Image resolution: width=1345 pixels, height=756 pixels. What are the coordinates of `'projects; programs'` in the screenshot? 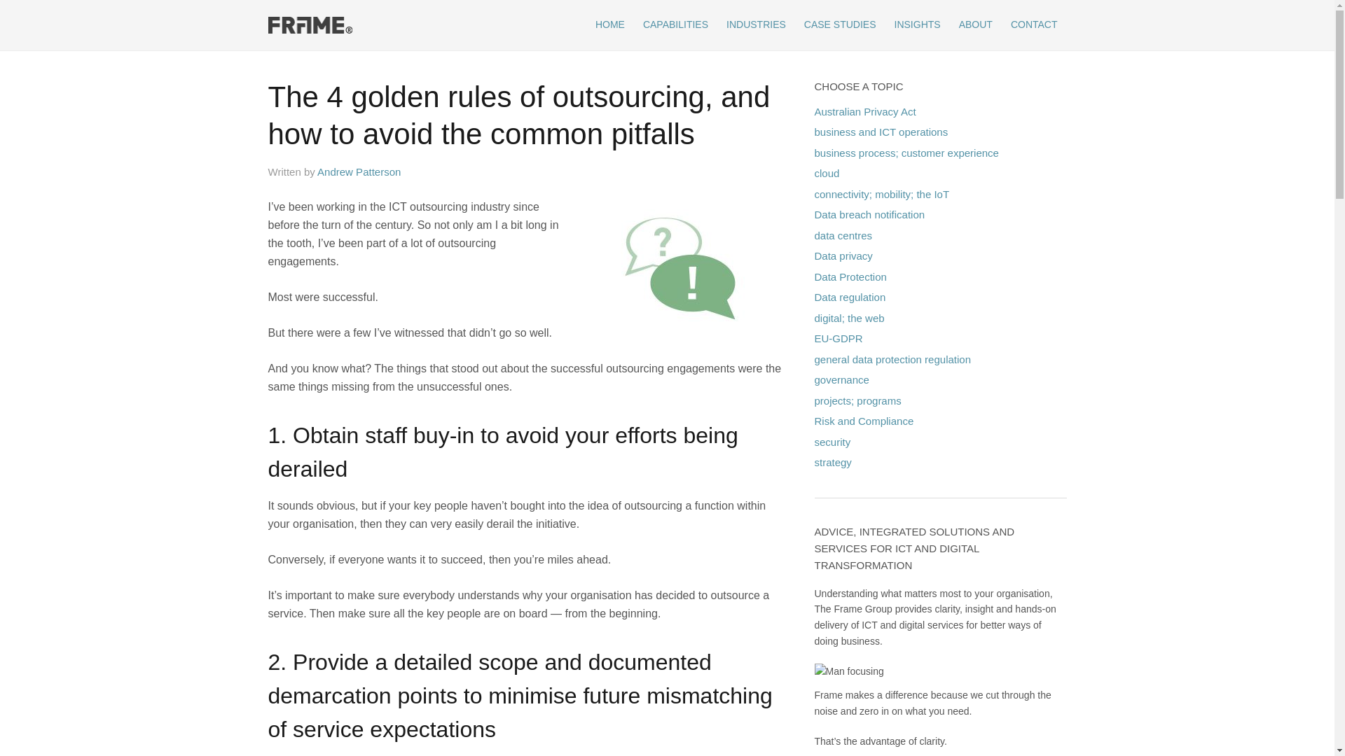 It's located at (857, 400).